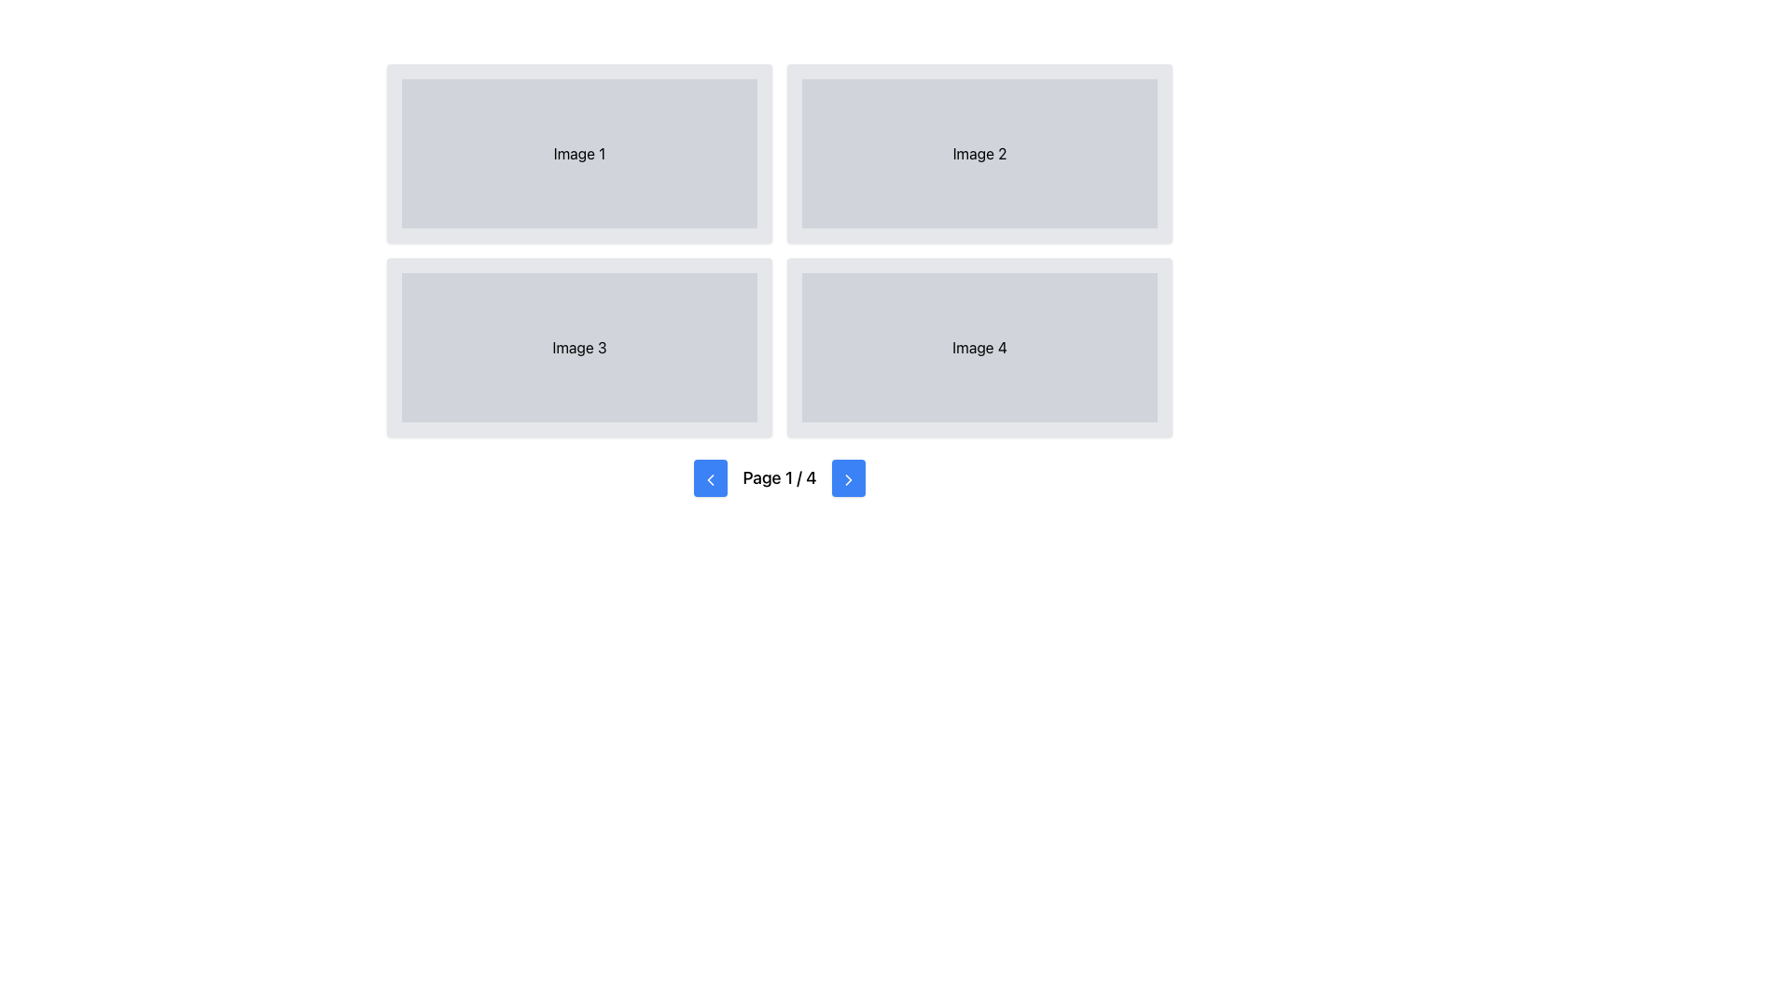 Image resolution: width=1791 pixels, height=1007 pixels. I want to click on the blue circular button with a left-pointing chevron arrow icon, so click(710, 477).